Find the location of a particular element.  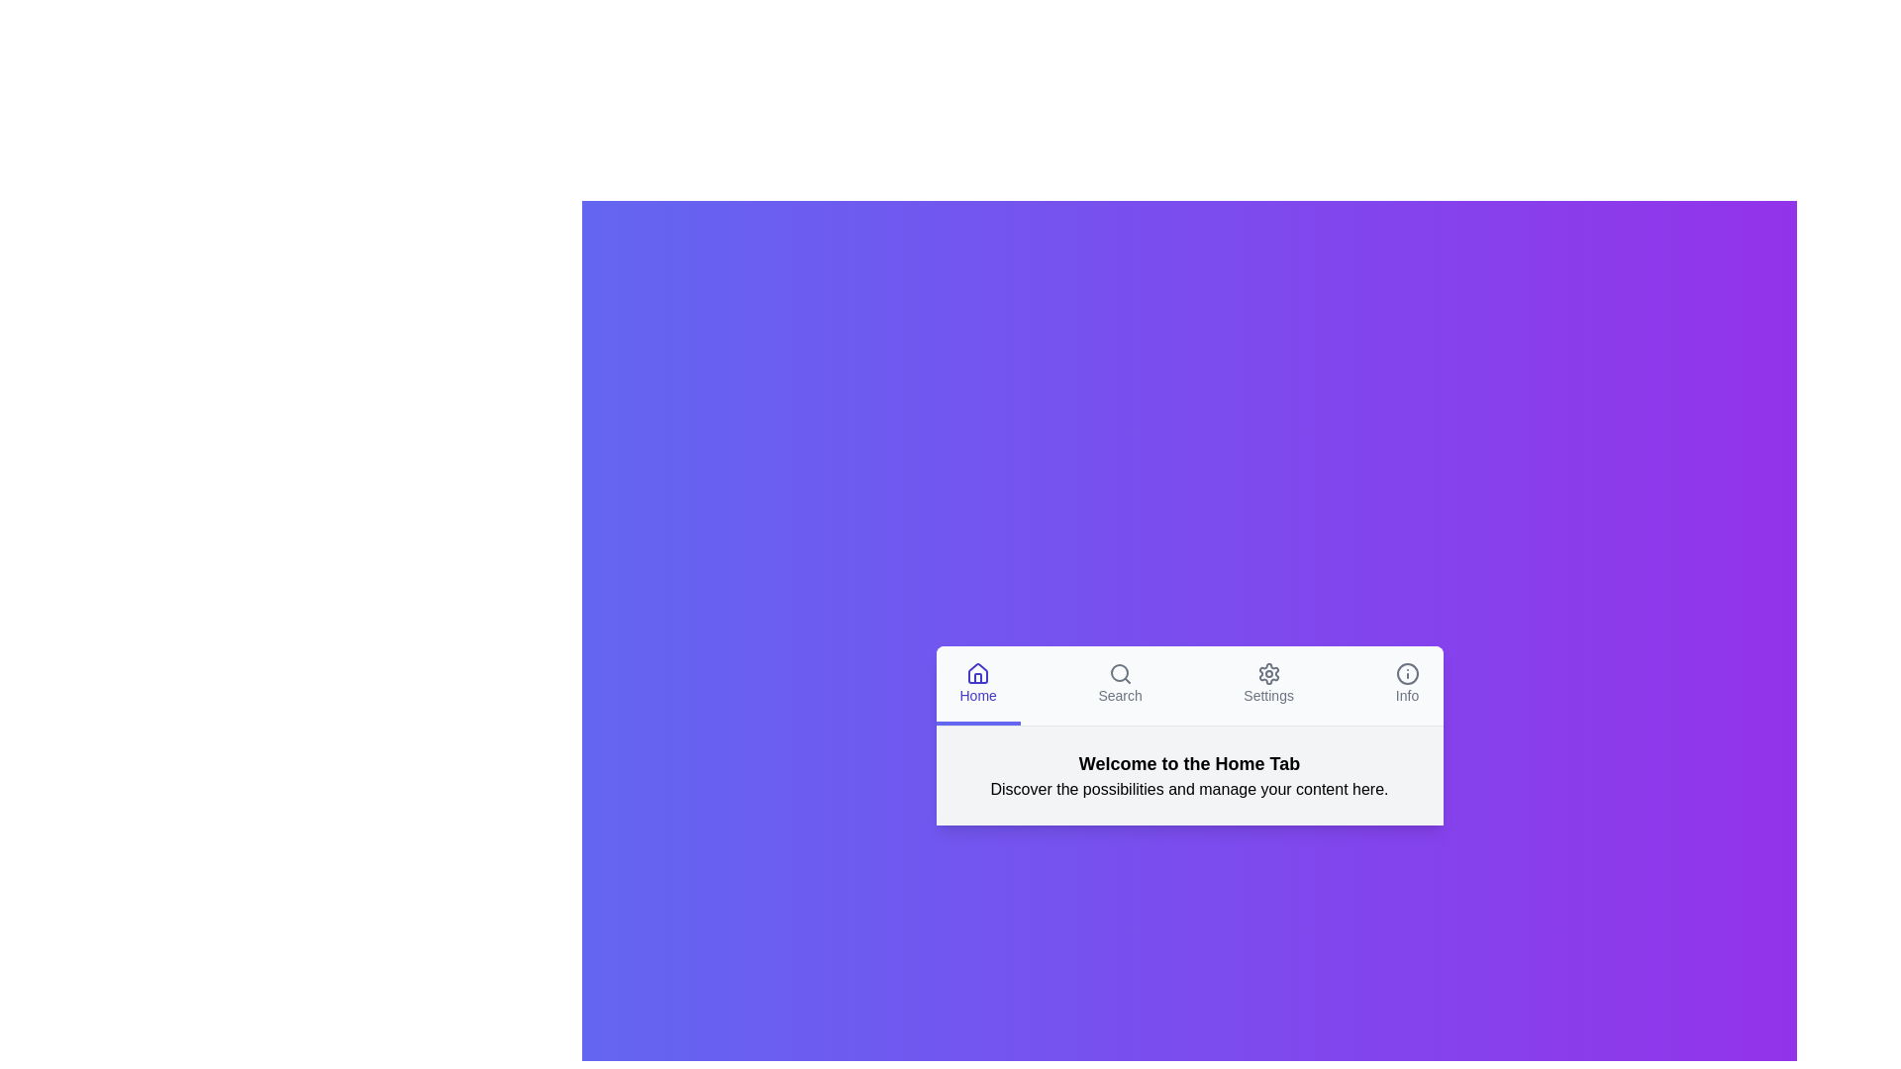

the informational text label located at the bottom-right corner of the interface, which is the last element in the navigational bar following 'Home,' 'Search,' and 'Settings.' is located at coordinates (1406, 694).